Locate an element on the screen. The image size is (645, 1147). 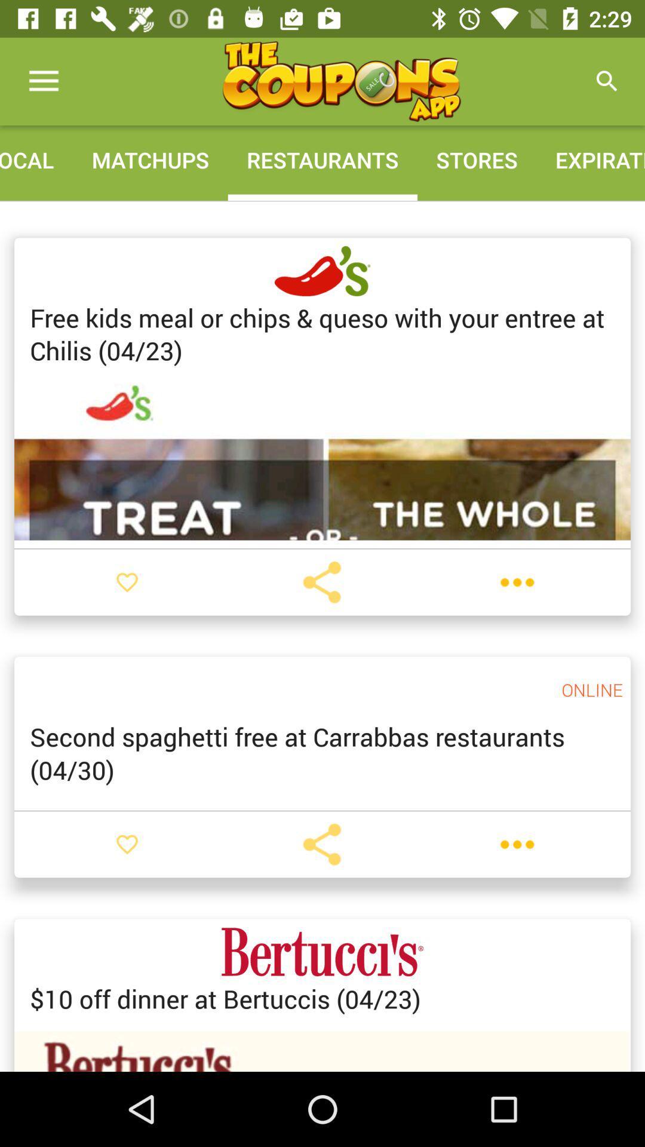
switch is located at coordinates (127, 582).